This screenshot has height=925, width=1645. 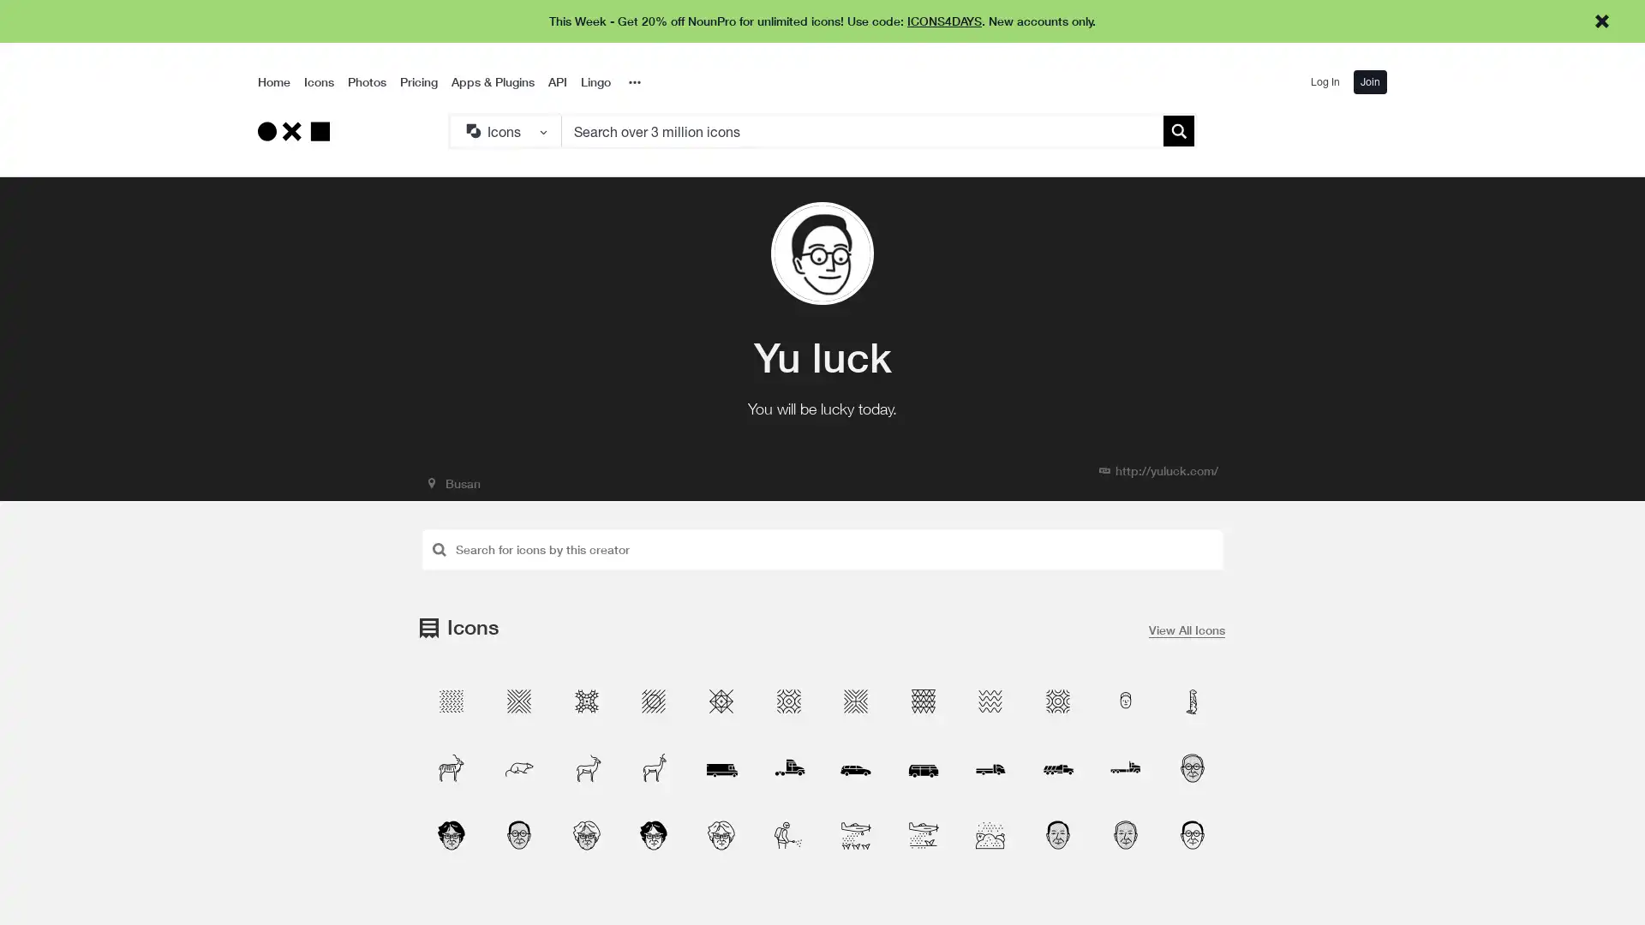 I want to click on Overflow Menu, so click(x=633, y=82).